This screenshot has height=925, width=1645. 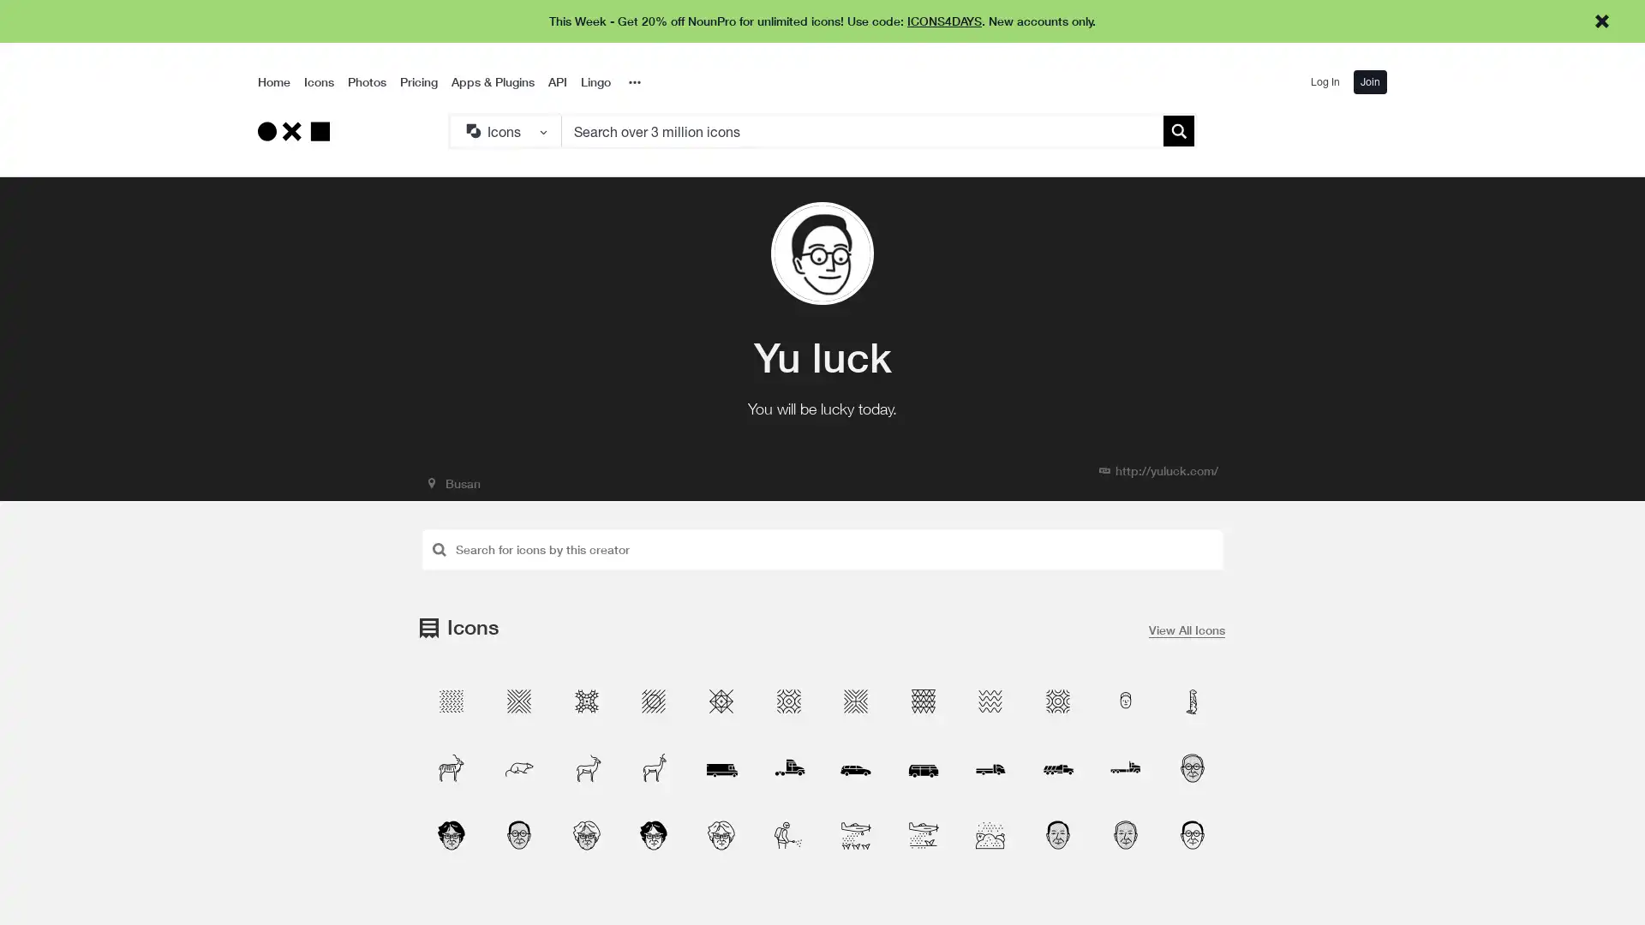 I want to click on Overflow Menu, so click(x=633, y=82).